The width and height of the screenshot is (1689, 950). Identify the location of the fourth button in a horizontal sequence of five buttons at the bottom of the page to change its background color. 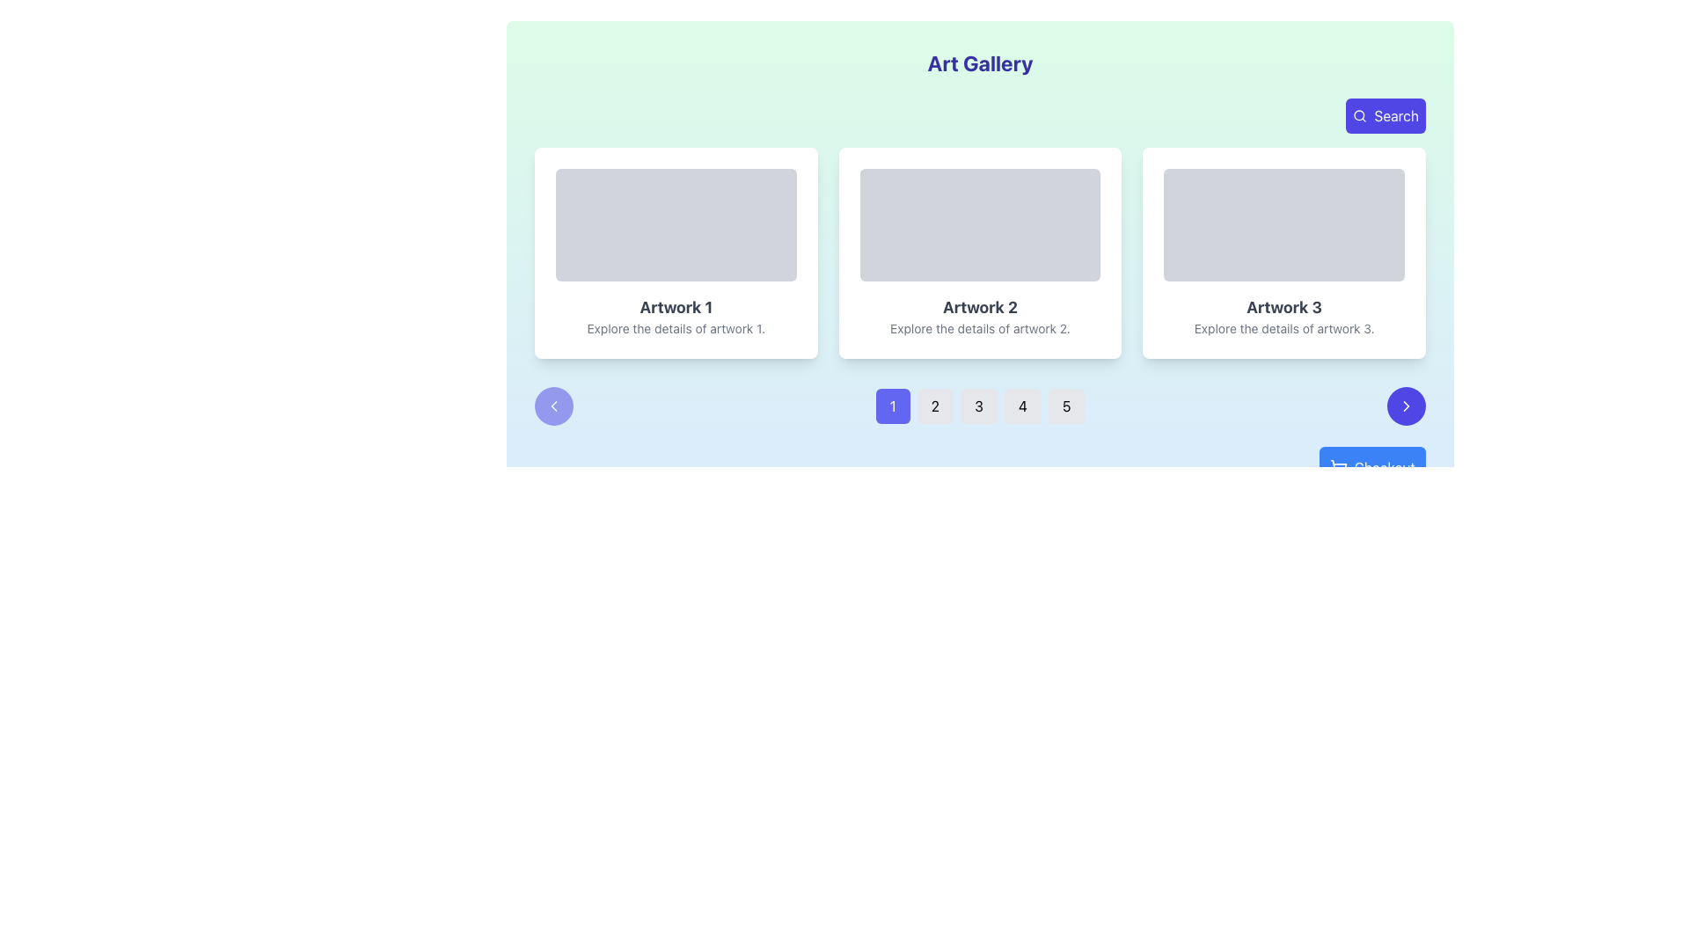
(1022, 406).